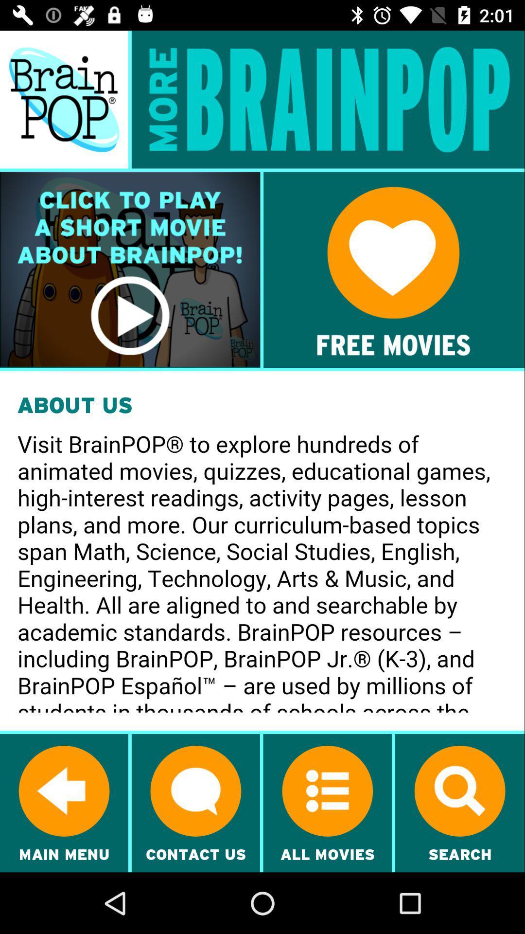 Image resolution: width=525 pixels, height=934 pixels. What do you see at coordinates (129, 269) in the screenshot?
I see `a movie` at bounding box center [129, 269].